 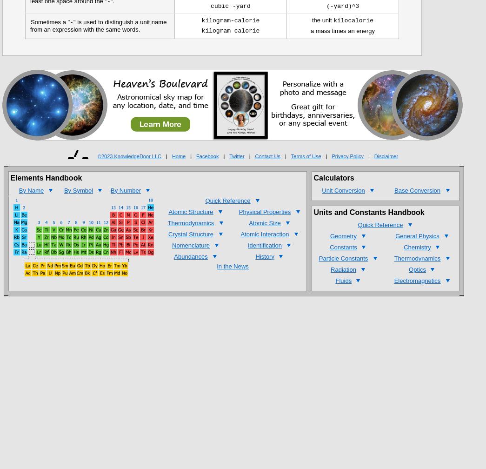 I want to click on '2023 KnowledgeDoor LLC', so click(x=131, y=156).